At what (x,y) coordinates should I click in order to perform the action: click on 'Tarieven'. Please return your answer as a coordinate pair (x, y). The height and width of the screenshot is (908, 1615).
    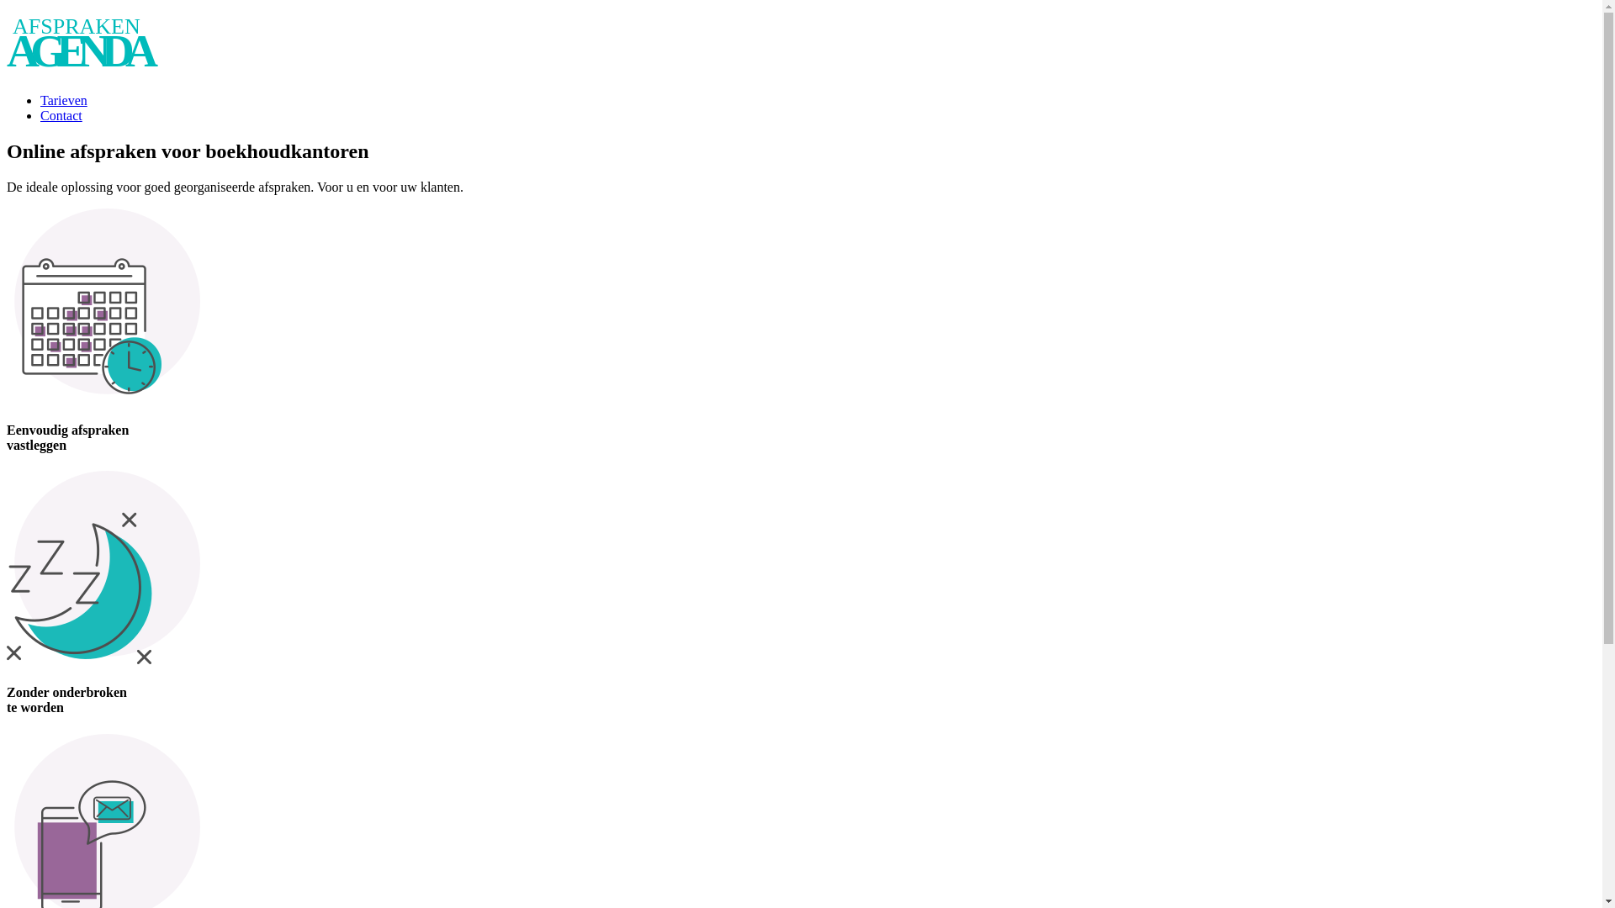
    Looking at the image, I should click on (64, 100).